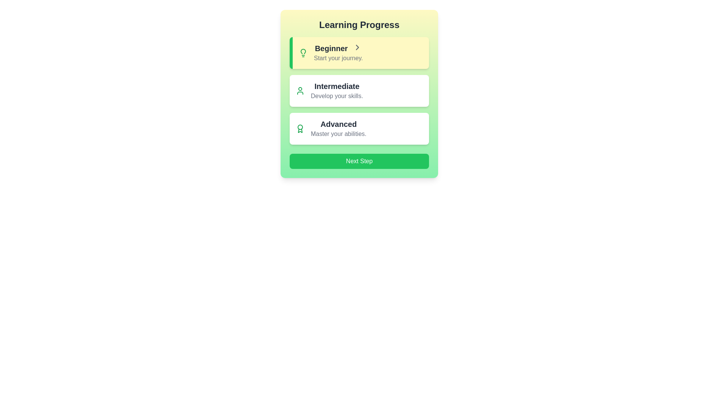  What do you see at coordinates (300, 90) in the screenshot?
I see `the small, green user silhouette icon located inside the second panel under 'Intermediate', to the left of the text 'Intermediate' and 'Develop your skills'` at bounding box center [300, 90].